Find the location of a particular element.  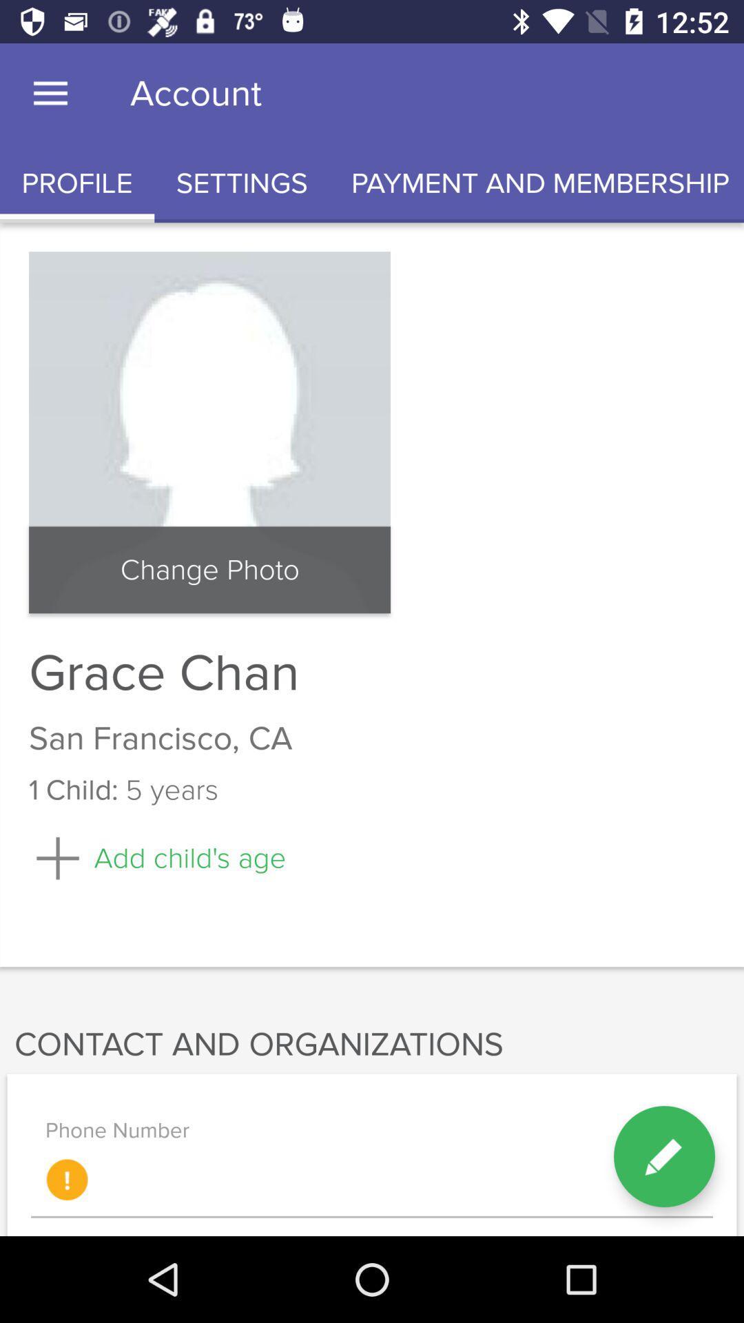

icon below san francisco, ca icon is located at coordinates (663, 1156).